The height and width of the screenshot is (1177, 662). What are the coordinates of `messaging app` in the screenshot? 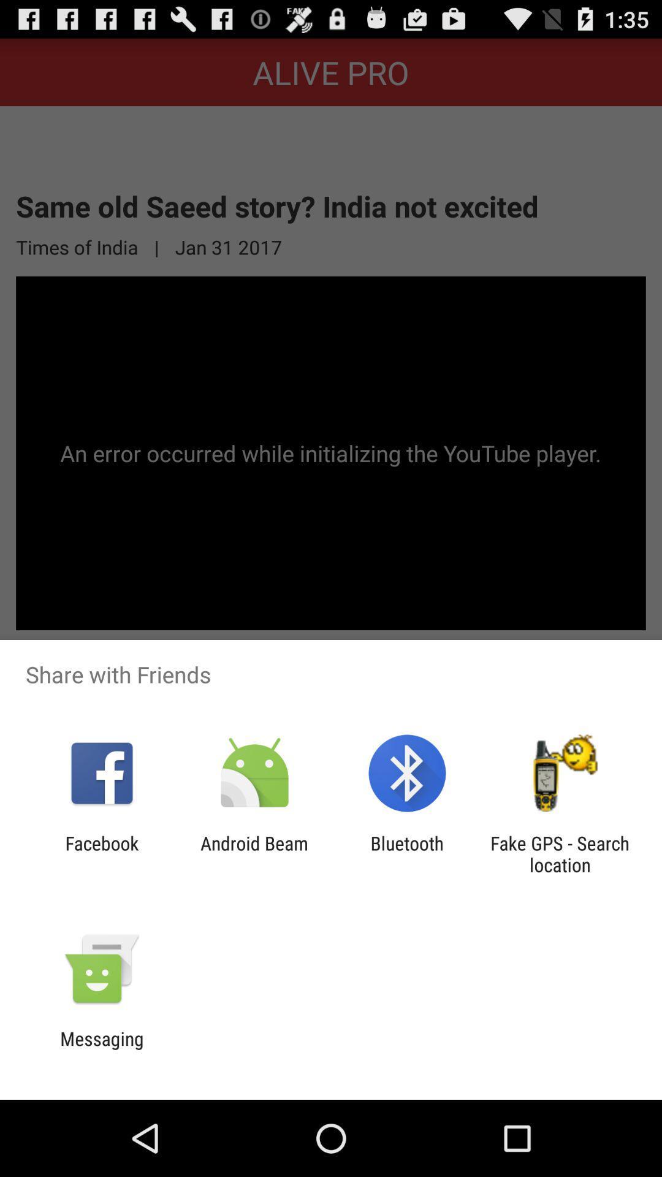 It's located at (101, 1049).